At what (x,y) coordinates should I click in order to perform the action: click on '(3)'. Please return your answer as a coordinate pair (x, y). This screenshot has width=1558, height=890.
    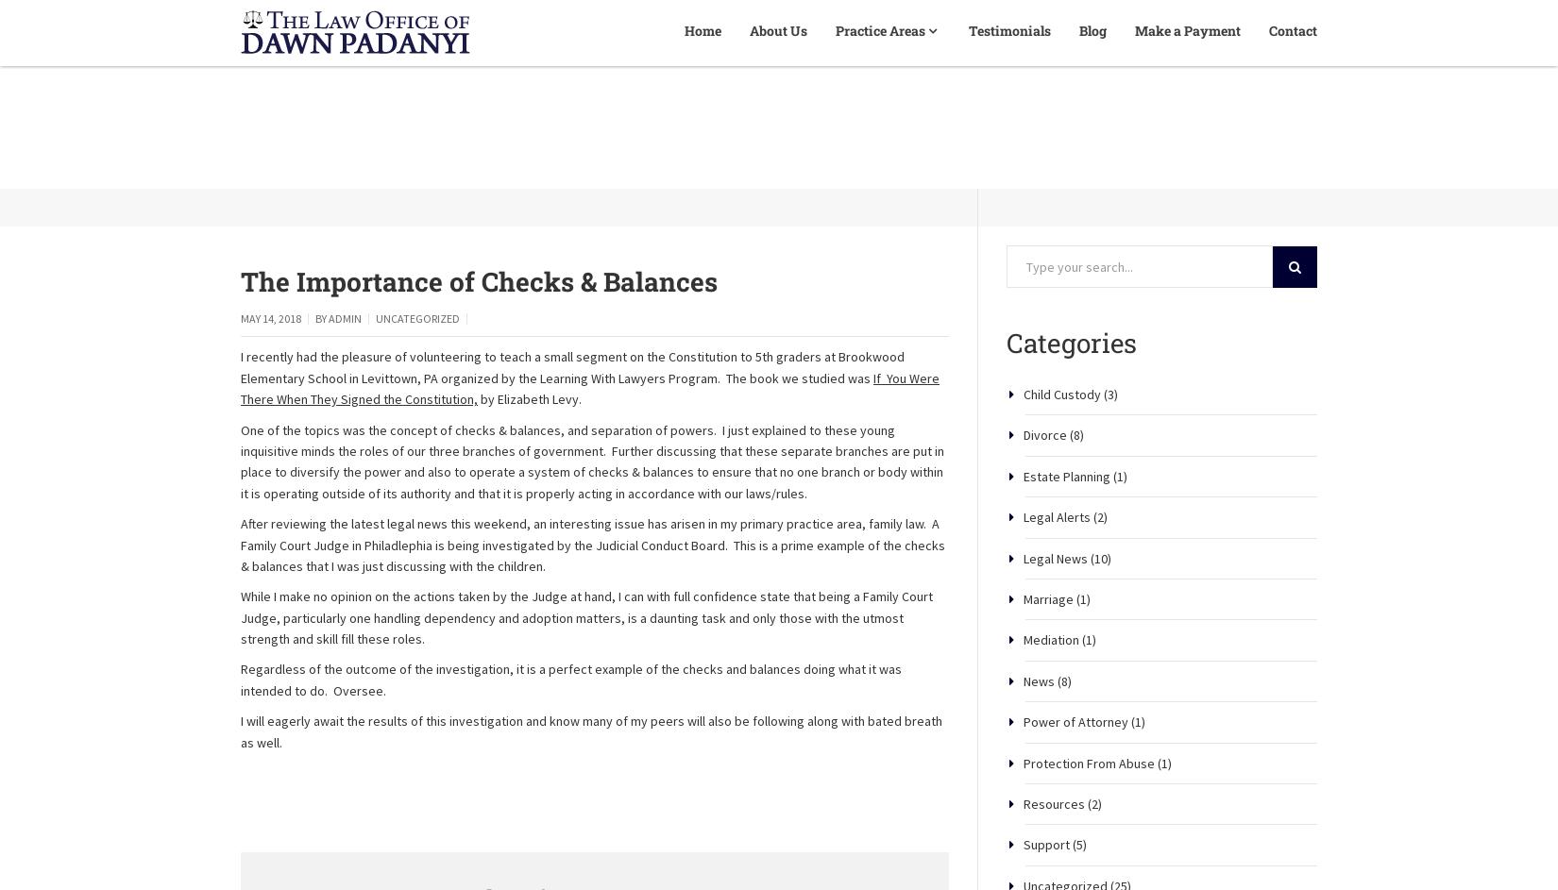
    Looking at the image, I should click on (1109, 458).